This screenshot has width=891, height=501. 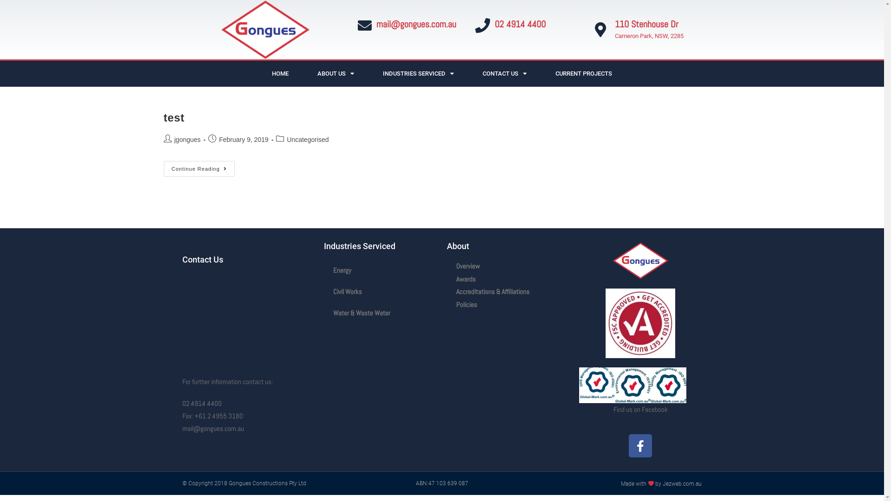 What do you see at coordinates (198, 168) in the screenshot?
I see `'Continue Reading'` at bounding box center [198, 168].